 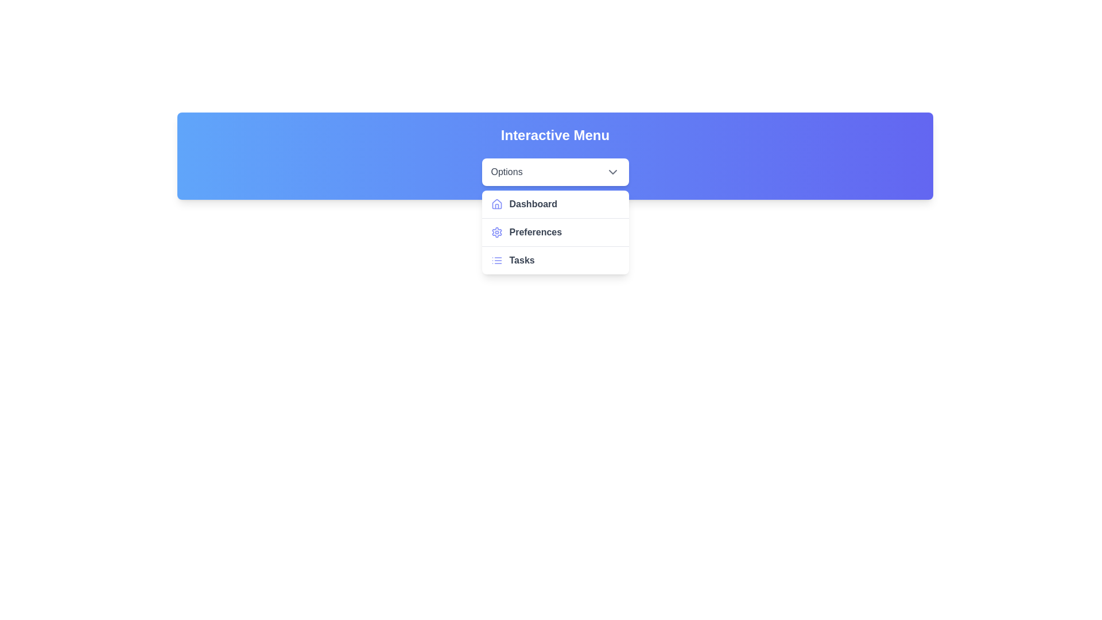 What do you see at coordinates (496, 203) in the screenshot?
I see `the house-shaped icon located inside the dropdown menu under the 'Dashboard' text item` at bounding box center [496, 203].